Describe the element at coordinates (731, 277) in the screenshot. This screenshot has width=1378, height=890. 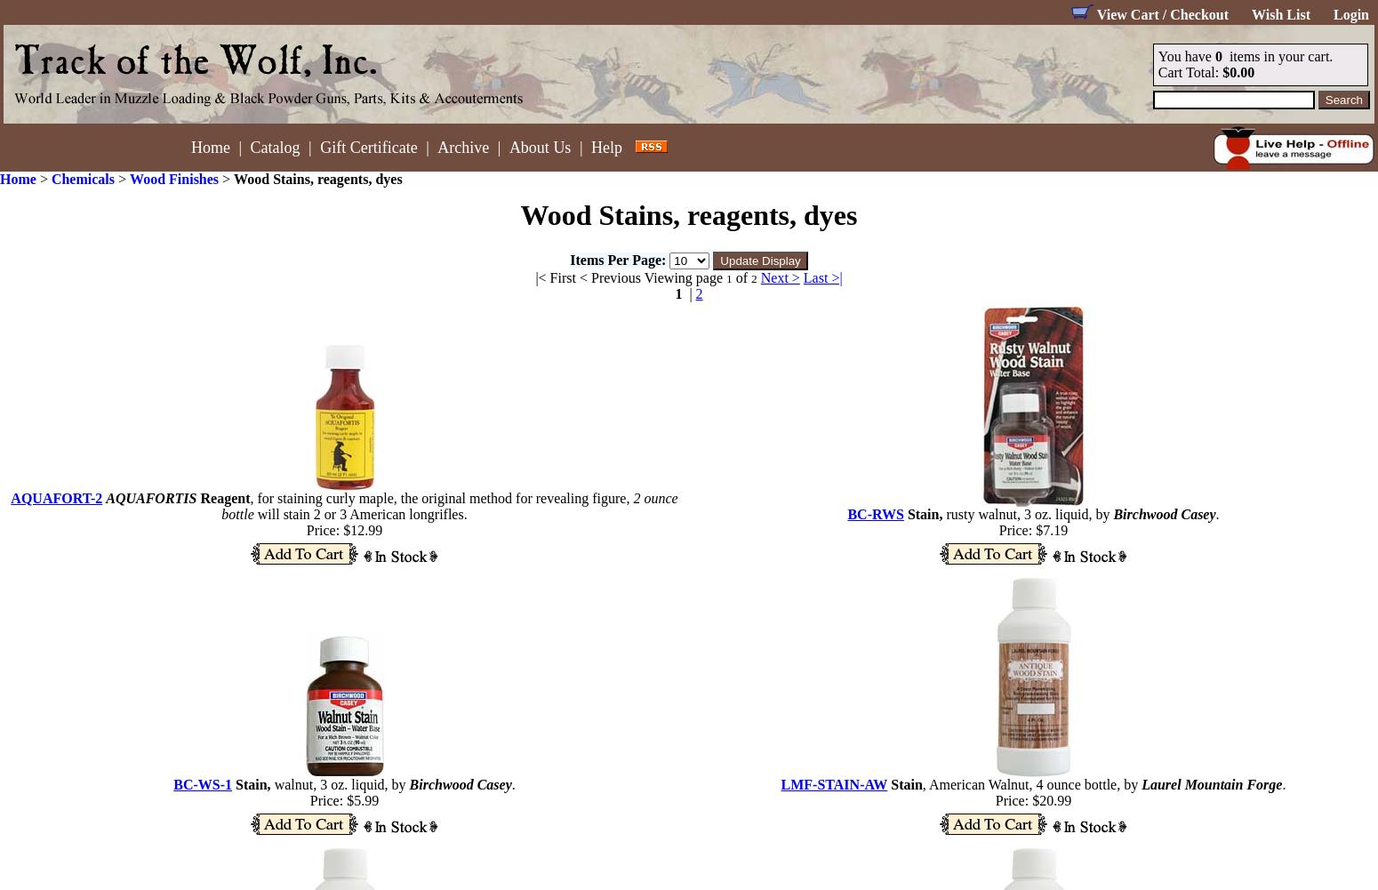
I see `'of'` at that location.